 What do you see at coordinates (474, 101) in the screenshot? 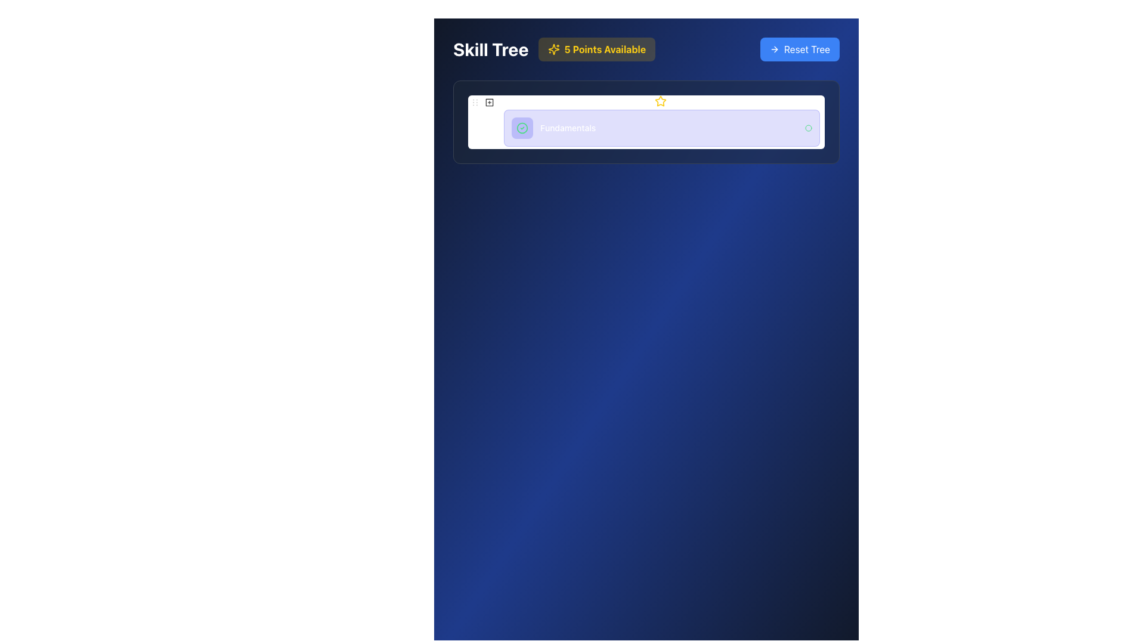
I see `the draggable icon located in the top left corner of the 'Fundamentals' box, next to the 'expand' and 'collapse' icons` at bounding box center [474, 101].